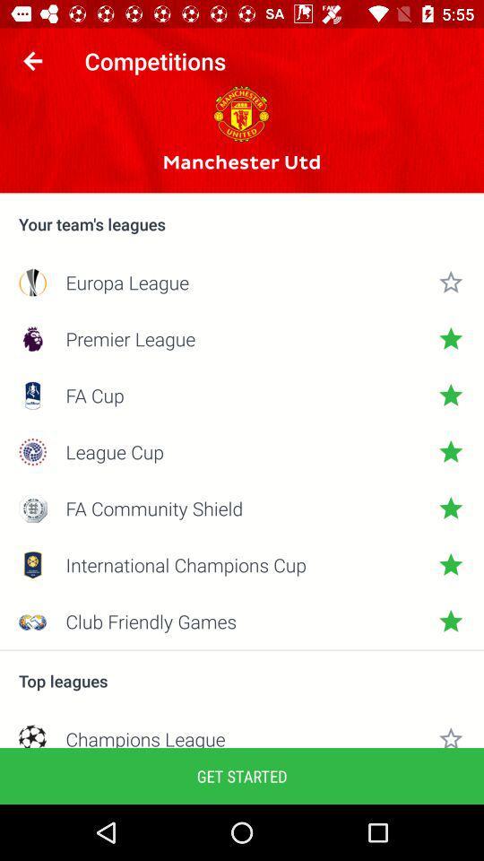 The height and width of the screenshot is (861, 484). What do you see at coordinates (242, 337) in the screenshot?
I see `the icon above the fa cup icon` at bounding box center [242, 337].